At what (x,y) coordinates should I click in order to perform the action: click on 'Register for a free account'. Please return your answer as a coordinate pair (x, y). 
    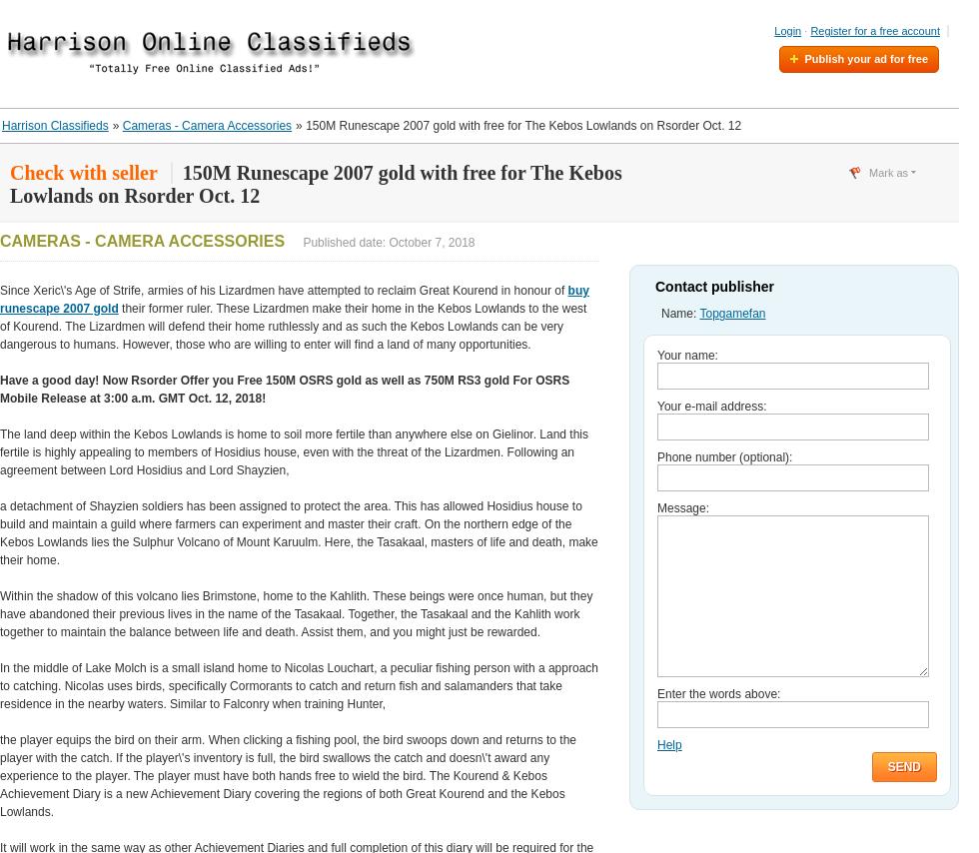
    Looking at the image, I should click on (810, 30).